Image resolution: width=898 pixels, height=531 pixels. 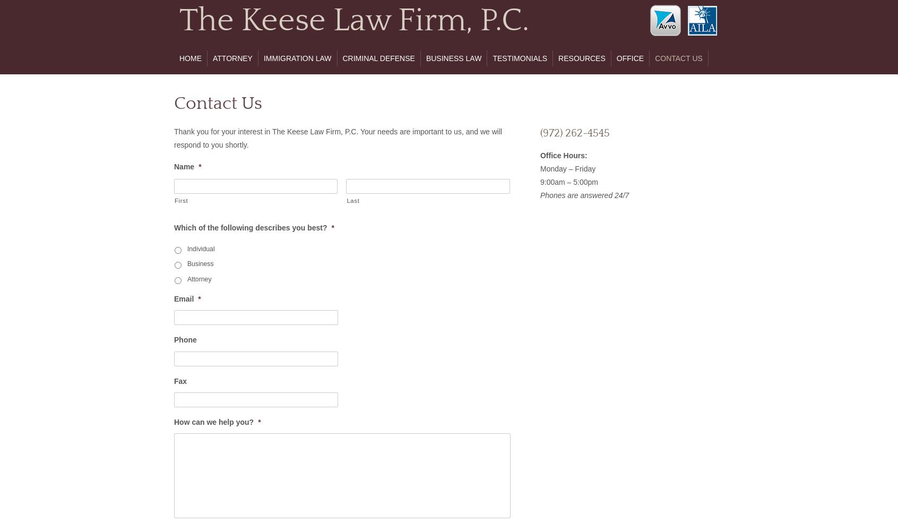 What do you see at coordinates (191, 58) in the screenshot?
I see `'Home'` at bounding box center [191, 58].